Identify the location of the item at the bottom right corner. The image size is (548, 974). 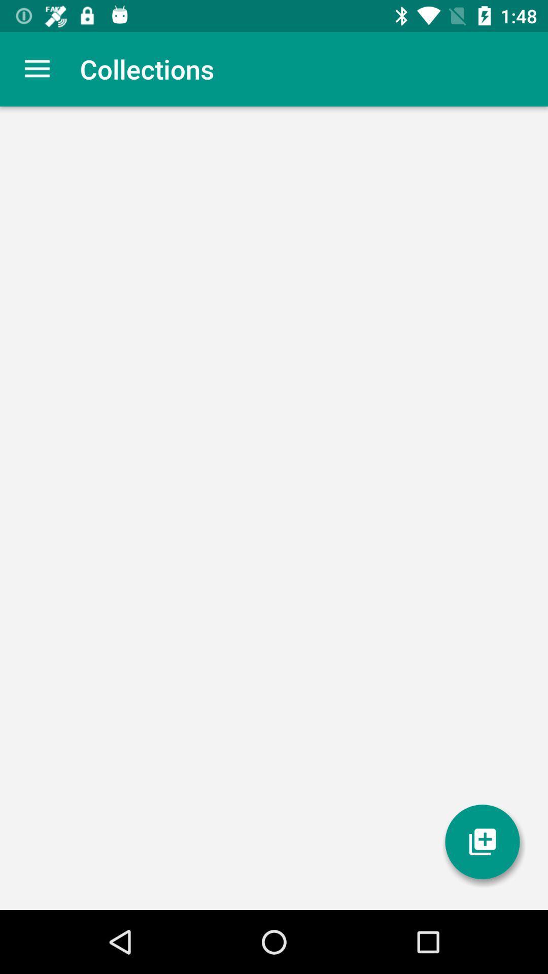
(482, 842).